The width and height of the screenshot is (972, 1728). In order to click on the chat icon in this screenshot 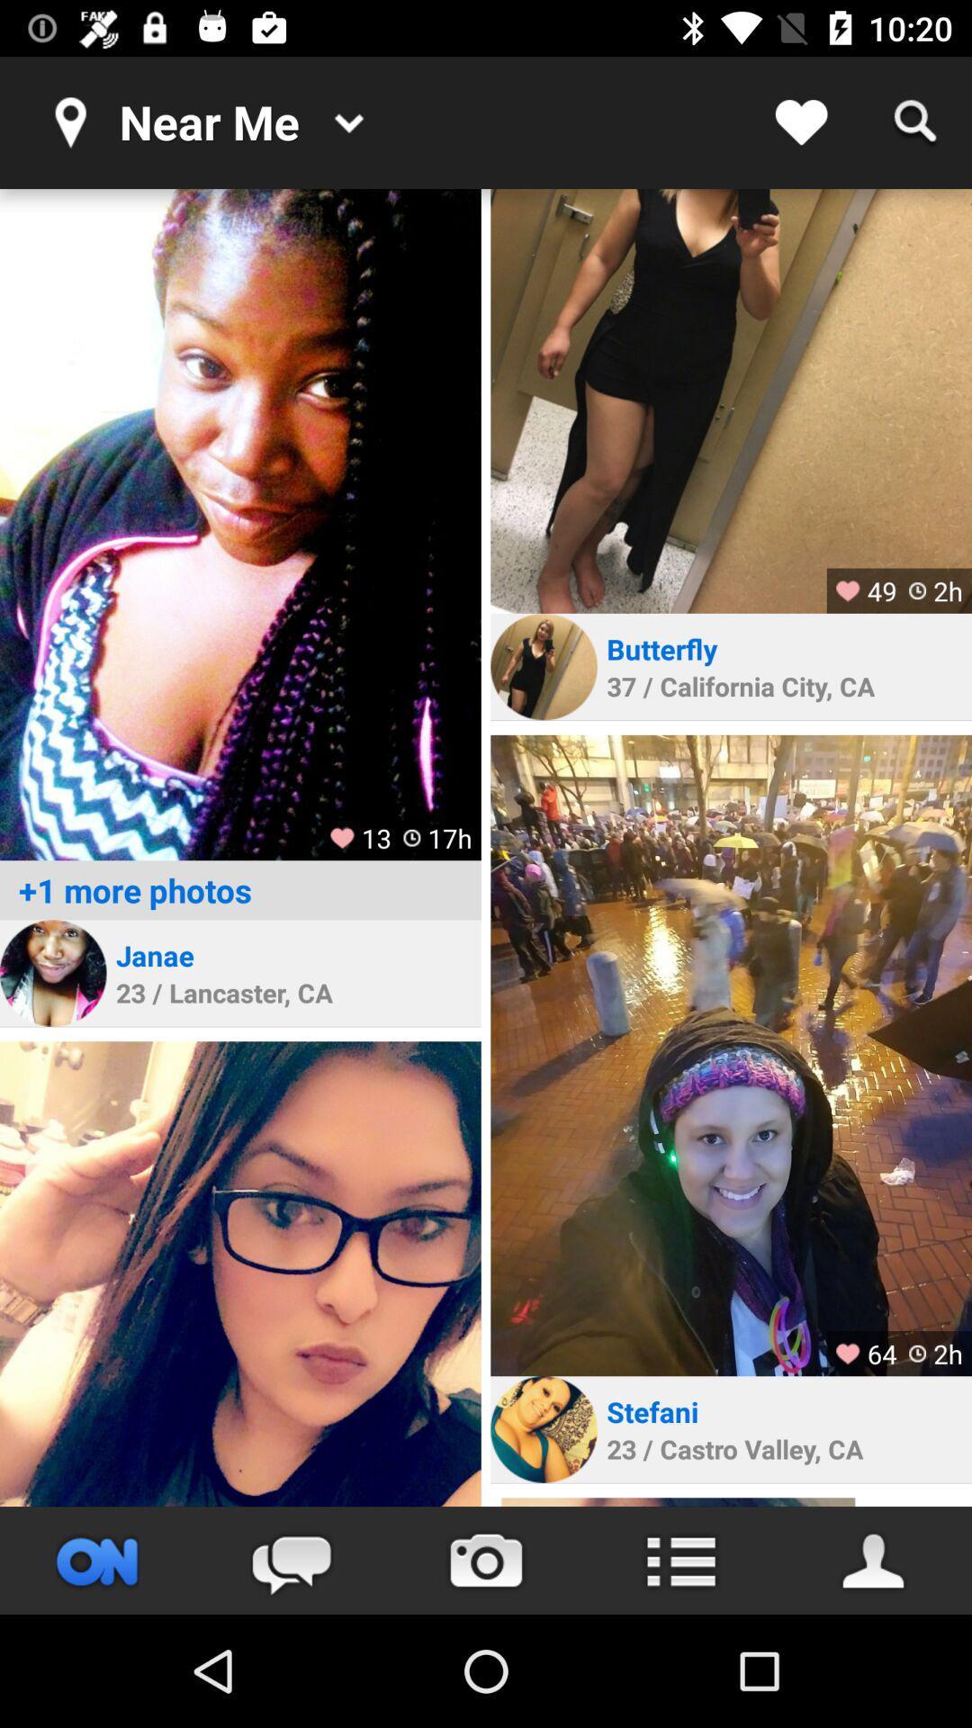, I will do `click(291, 1560)`.